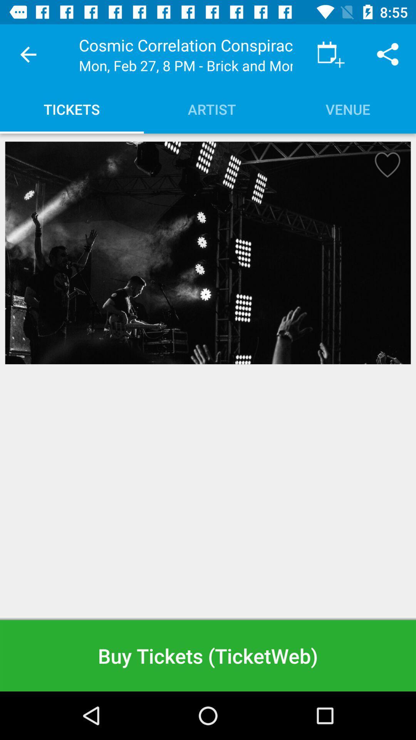 The height and width of the screenshot is (740, 416). Describe the element at coordinates (330, 54) in the screenshot. I see `the item to the right of the cosmic correlation conspiracy` at that location.